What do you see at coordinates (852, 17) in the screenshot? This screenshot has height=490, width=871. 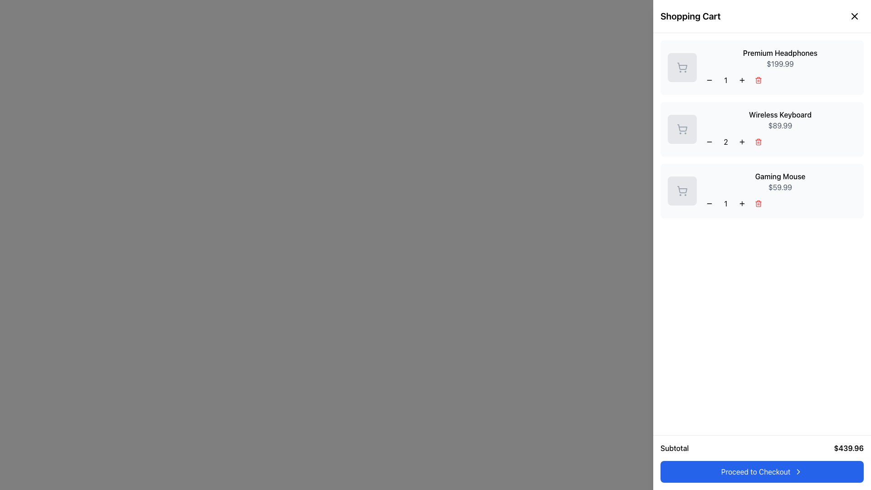 I see `the shopping cart icon located in the top right-hand corner of the layout` at bounding box center [852, 17].